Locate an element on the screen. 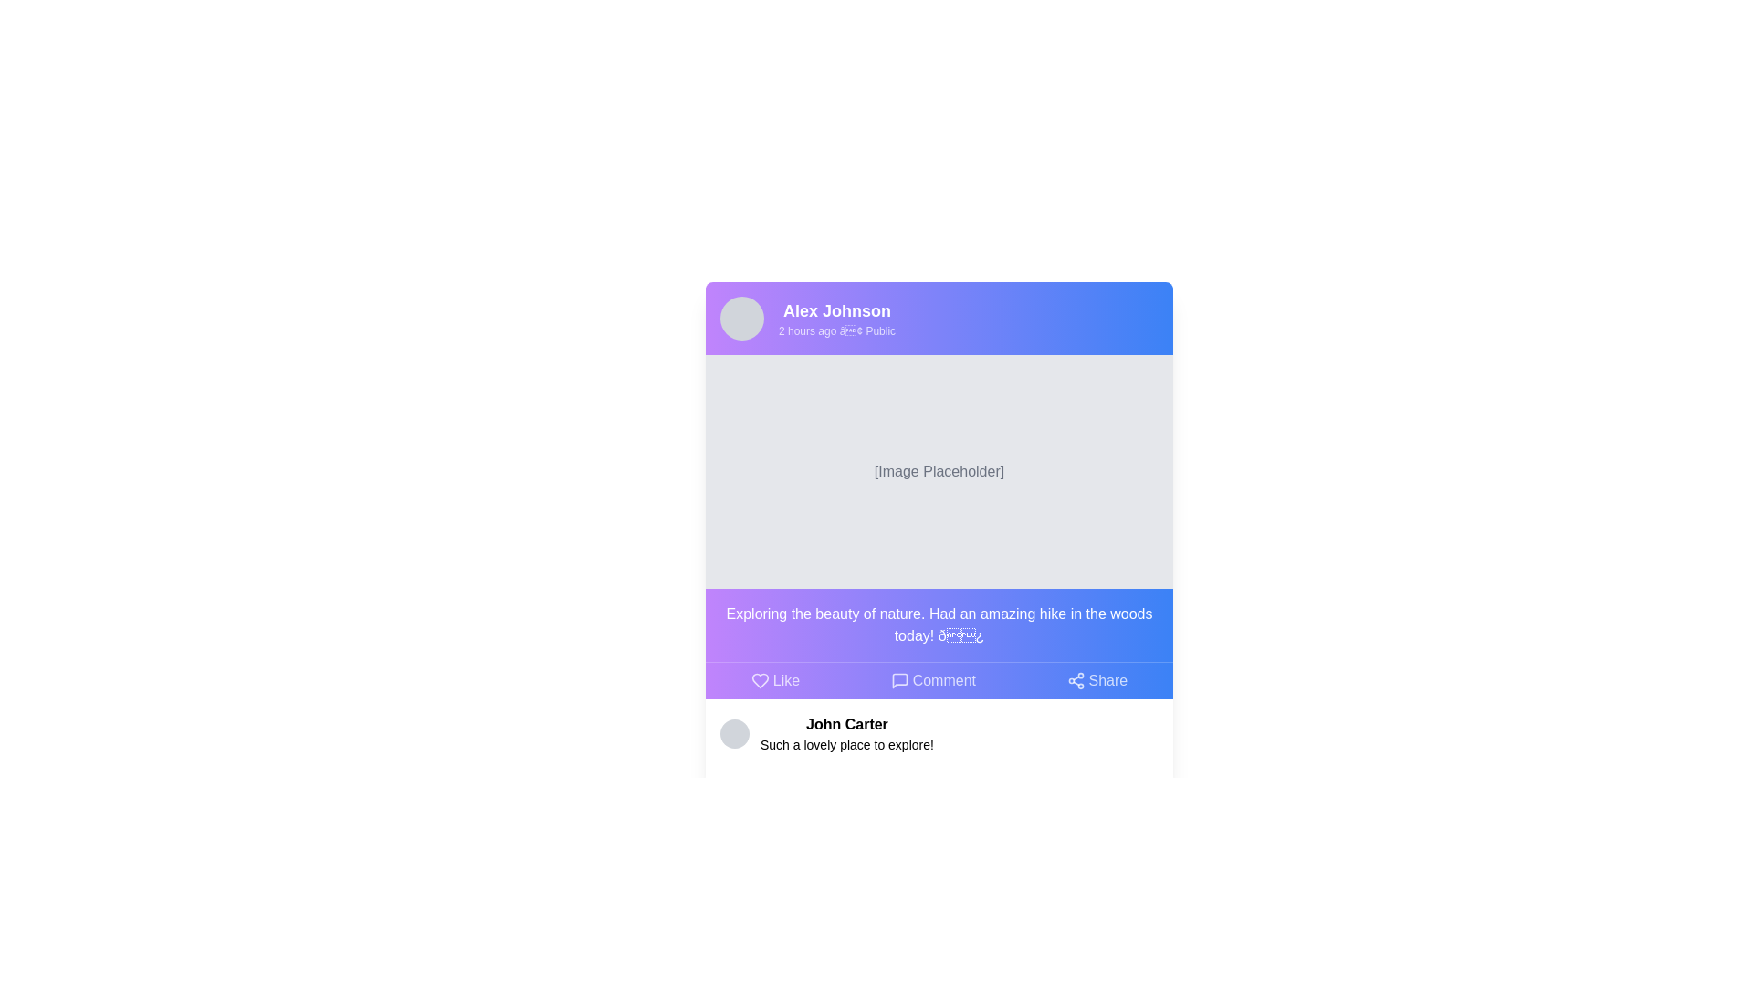 This screenshot has width=1753, height=986. the text label displaying the name 'John Carter', styled in bold black font, located near the bottom left of the UI, above the comment 'Such a lovely place is located at coordinates (845, 724).